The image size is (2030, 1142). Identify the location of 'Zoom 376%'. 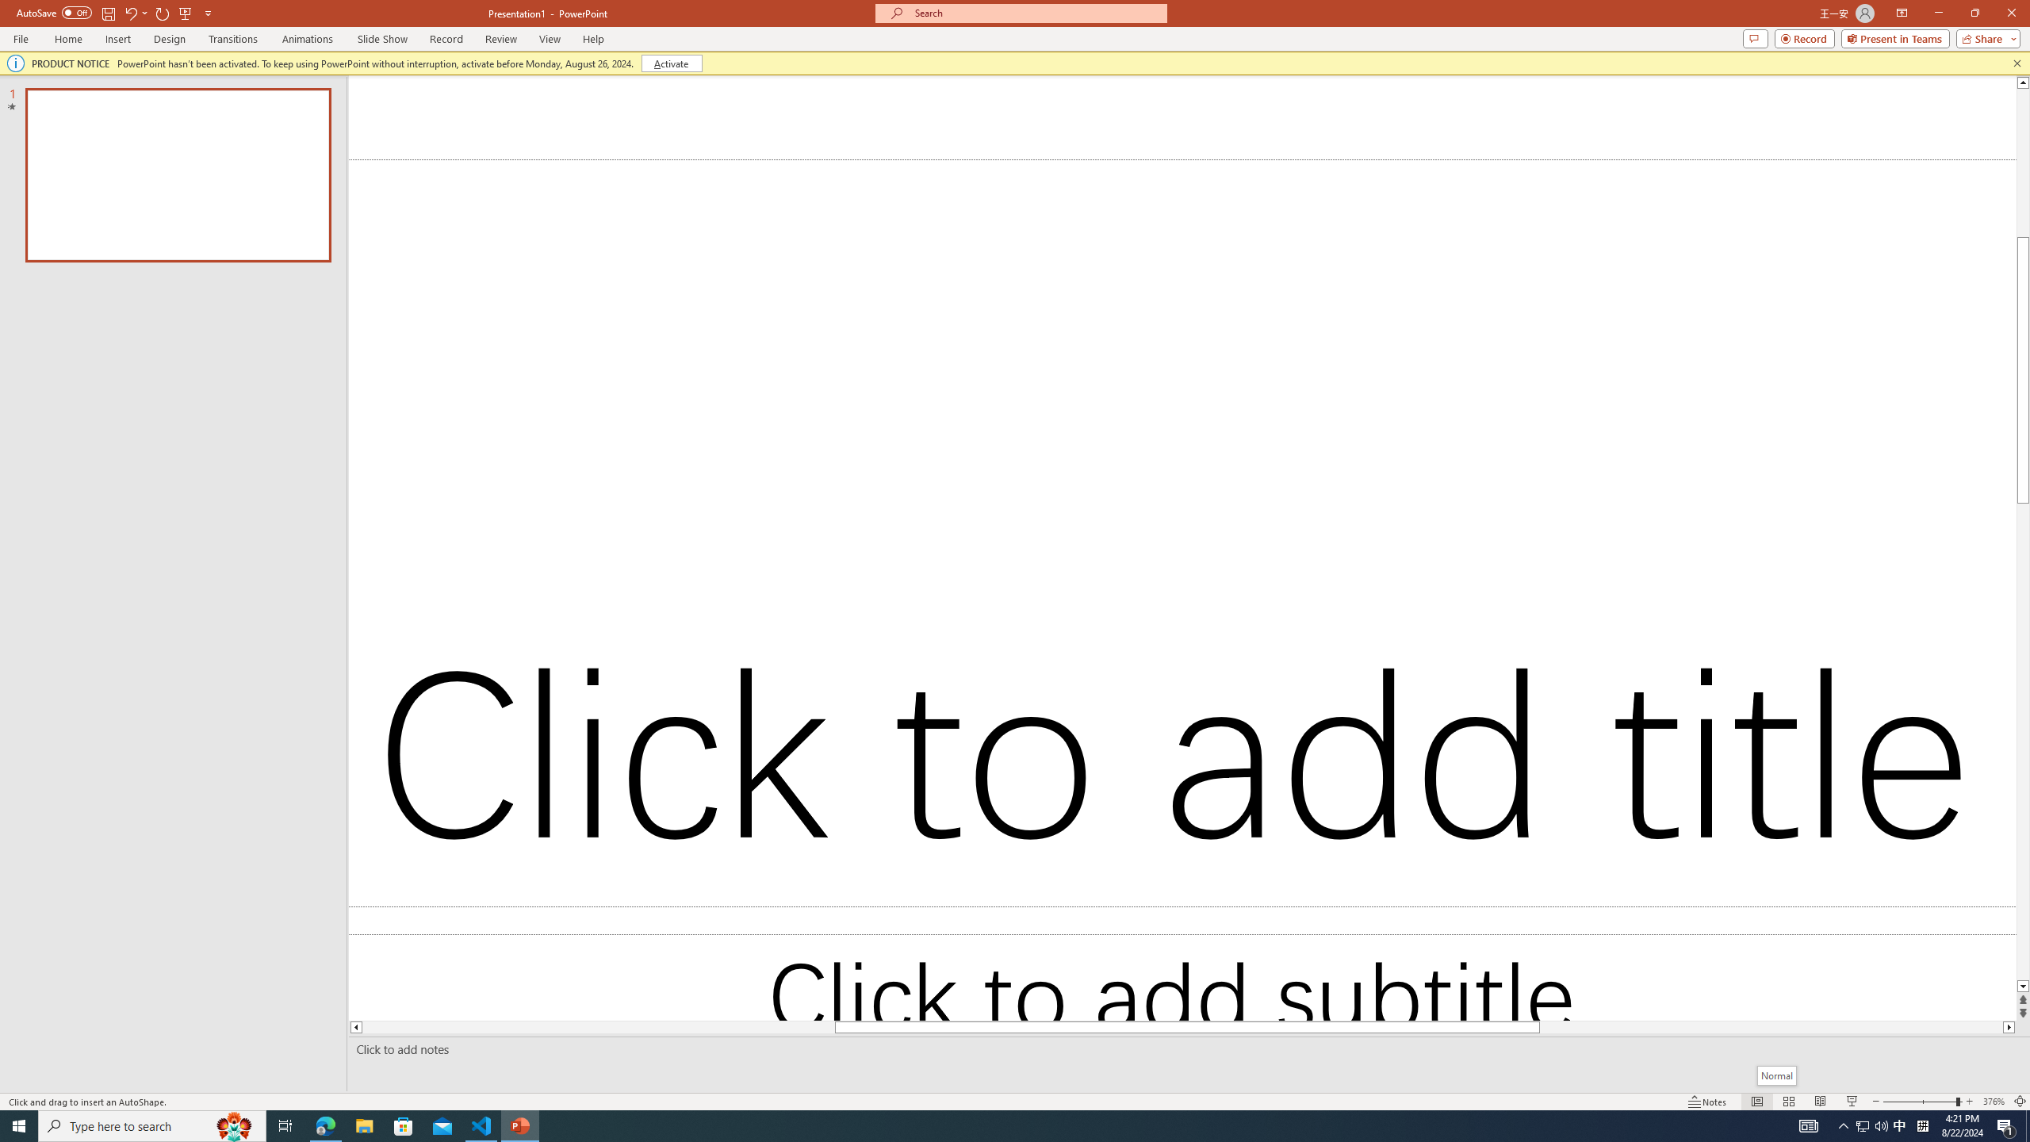
(1994, 1102).